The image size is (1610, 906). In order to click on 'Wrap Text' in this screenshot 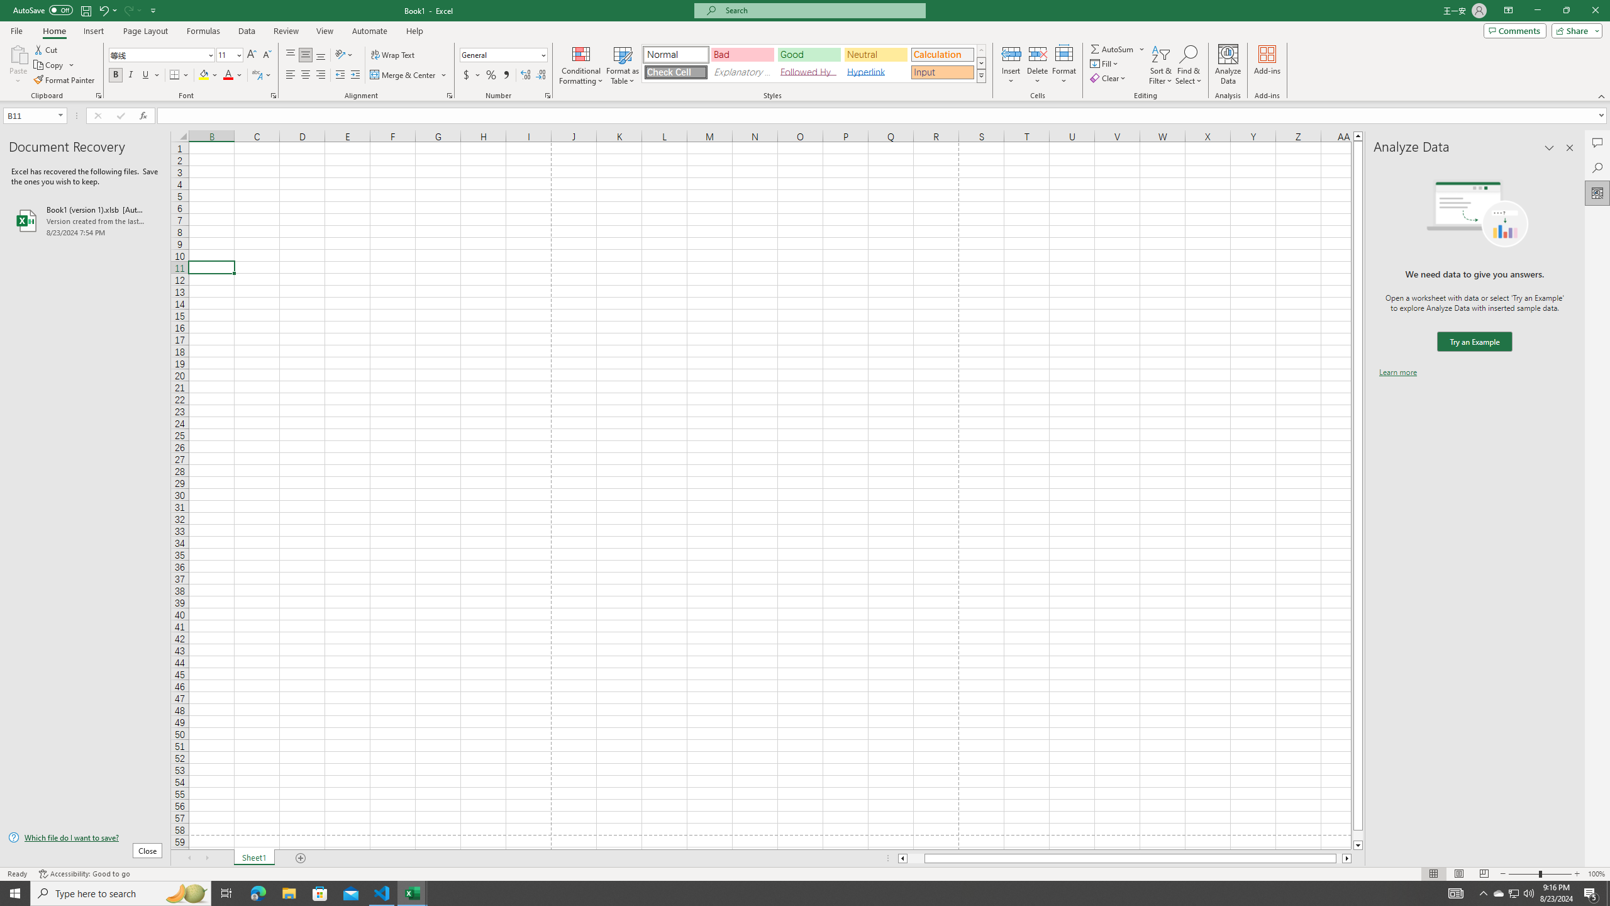, I will do `click(392, 55)`.